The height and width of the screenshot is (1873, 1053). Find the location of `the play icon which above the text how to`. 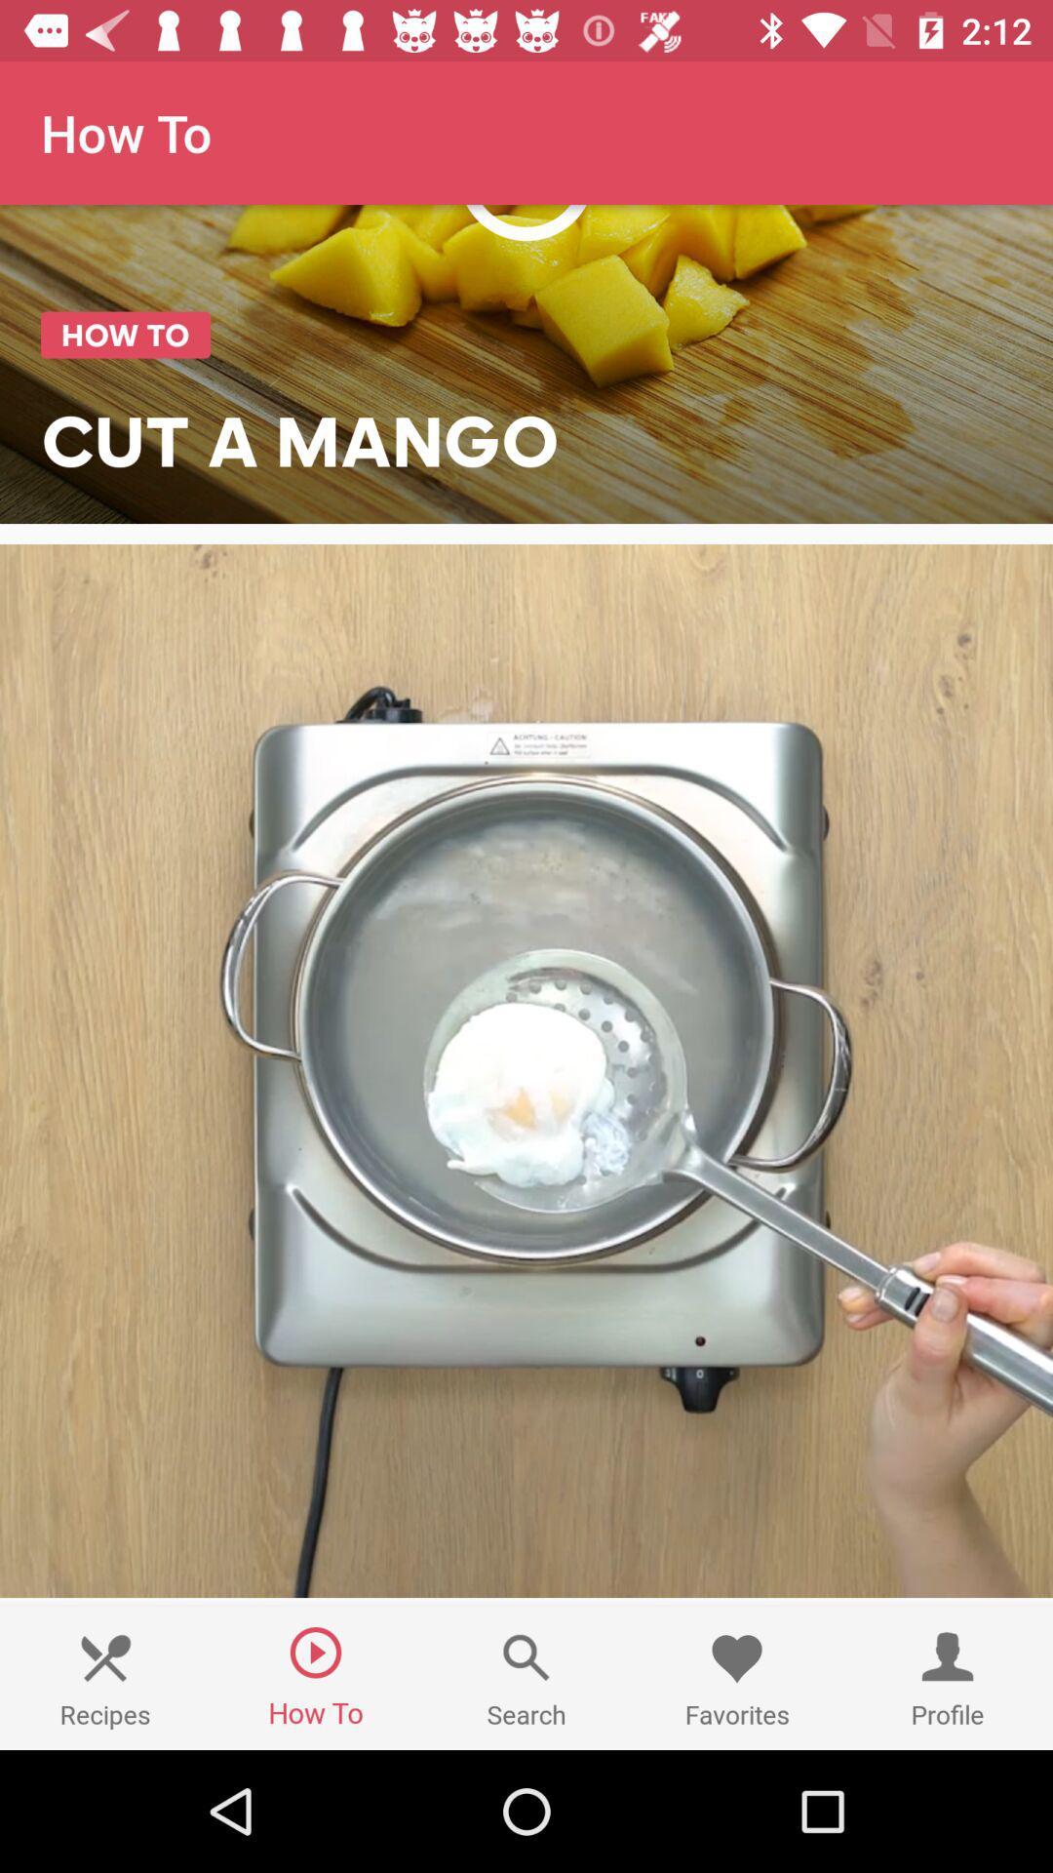

the play icon which above the text how to is located at coordinates (315, 1652).